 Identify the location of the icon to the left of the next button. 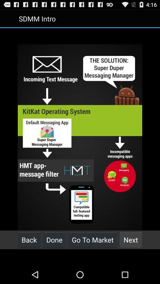
(92, 240).